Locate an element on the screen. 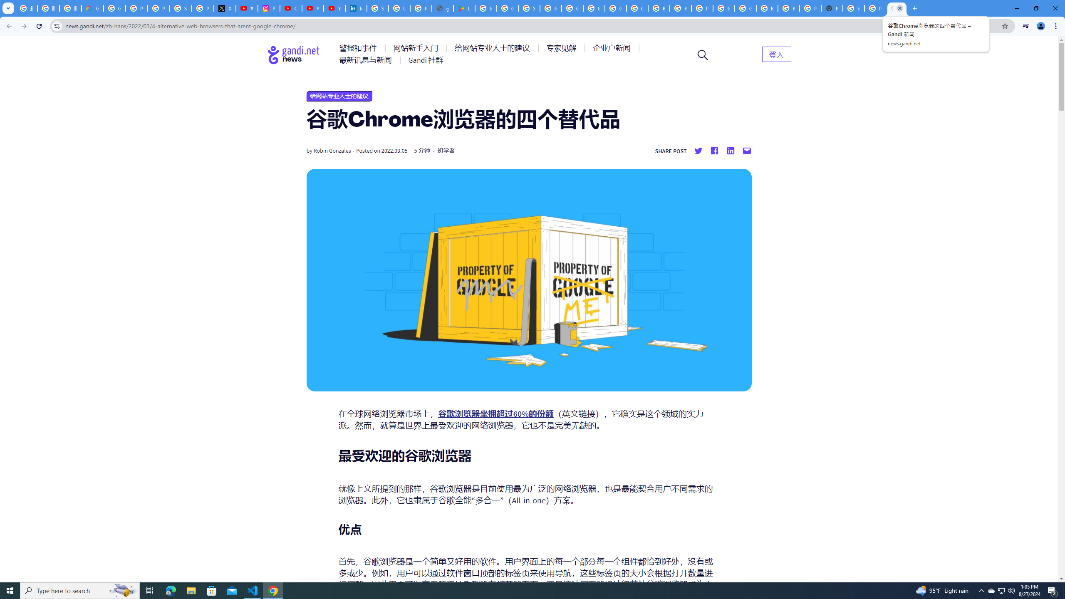 The width and height of the screenshot is (1065, 599). 'Last Shelter: Survival - Apps on Google Play' is located at coordinates (464, 8).